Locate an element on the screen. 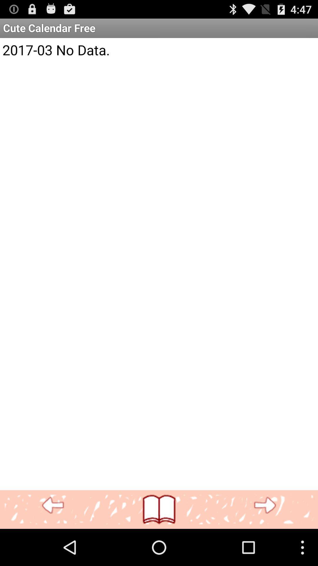 The width and height of the screenshot is (318, 566). app below the 2017 03 no app is located at coordinates (53, 505).